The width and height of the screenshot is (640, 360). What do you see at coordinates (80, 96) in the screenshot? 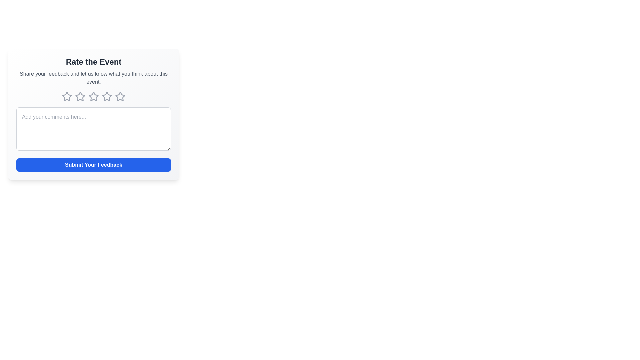
I see `the second star in the 5-star rating system` at bounding box center [80, 96].